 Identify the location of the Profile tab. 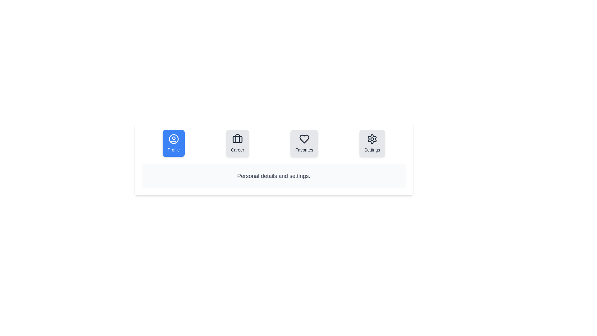
(174, 143).